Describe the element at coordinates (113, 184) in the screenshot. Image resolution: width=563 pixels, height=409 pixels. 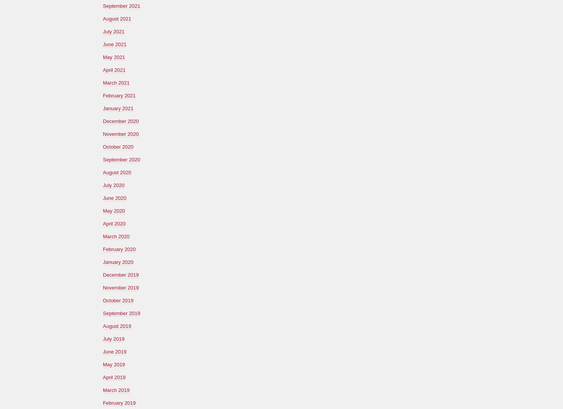
I see `'July 2020'` at that location.